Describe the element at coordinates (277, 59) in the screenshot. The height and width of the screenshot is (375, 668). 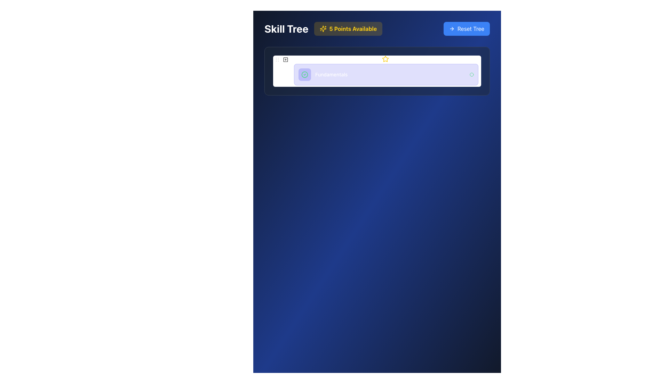
I see `the small monochromatic icon styled as a group of circles or ellipses, located in the top left corner of the 'Fundamentals' box, next to the 'expand' and 'collapse' icons` at that location.